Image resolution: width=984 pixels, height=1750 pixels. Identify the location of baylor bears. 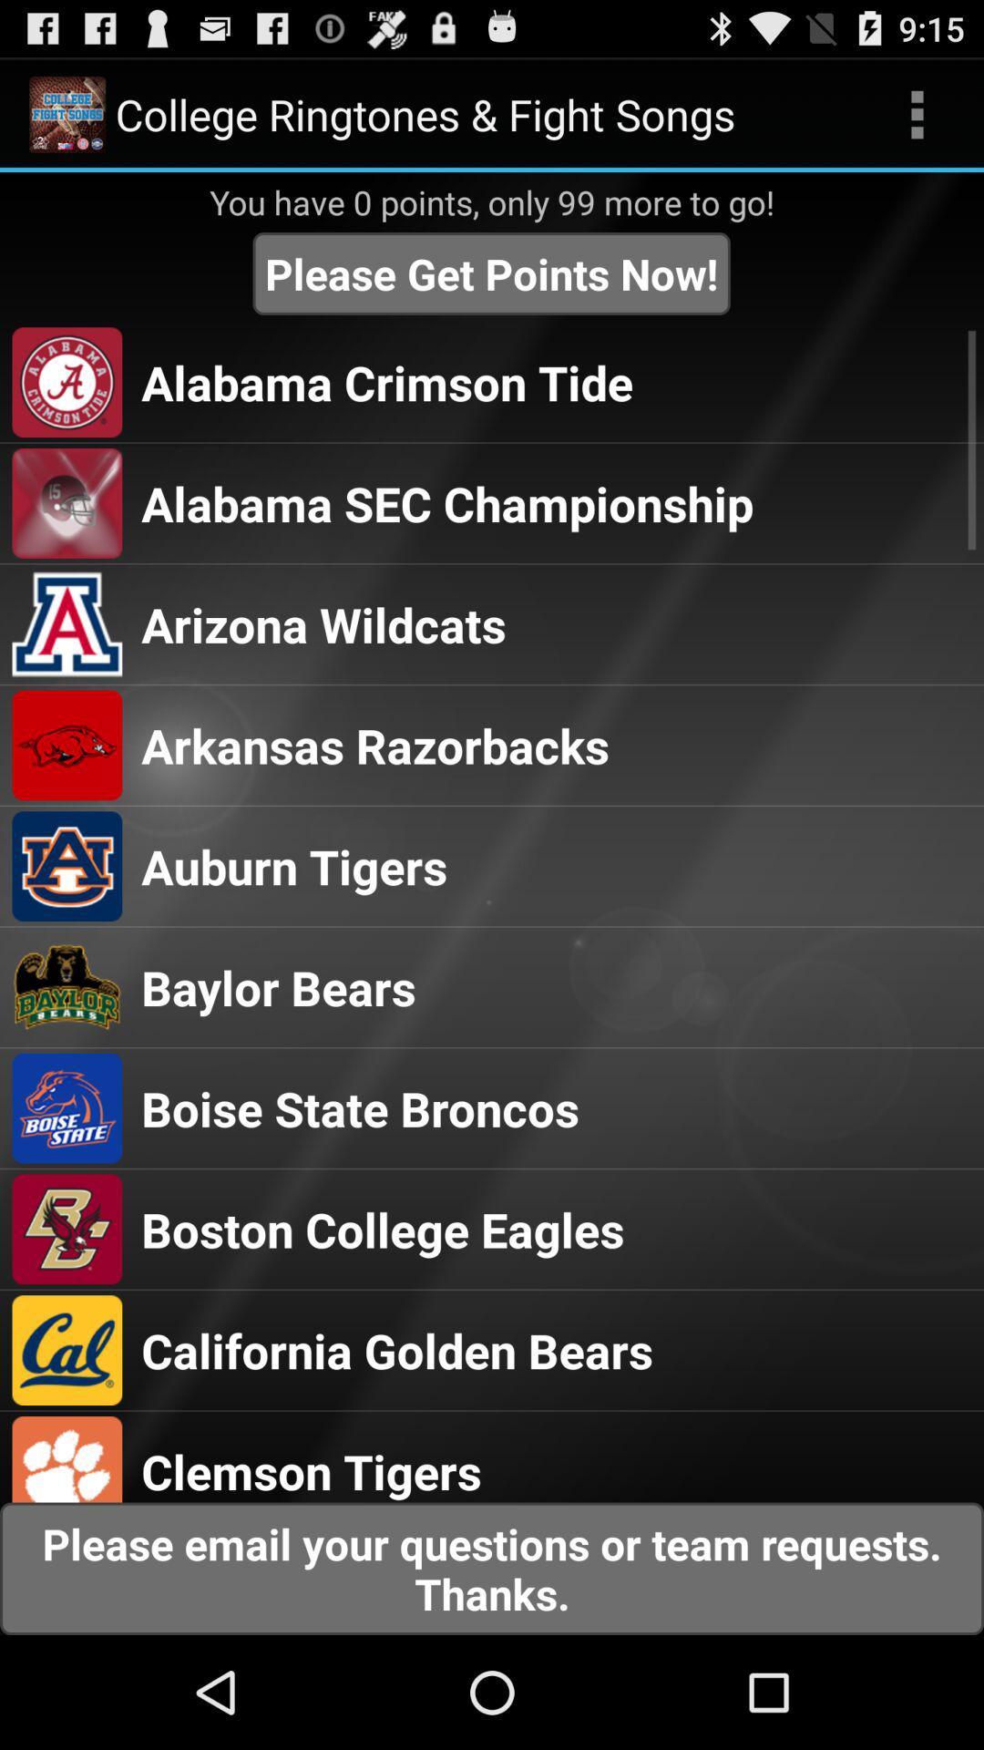
(278, 986).